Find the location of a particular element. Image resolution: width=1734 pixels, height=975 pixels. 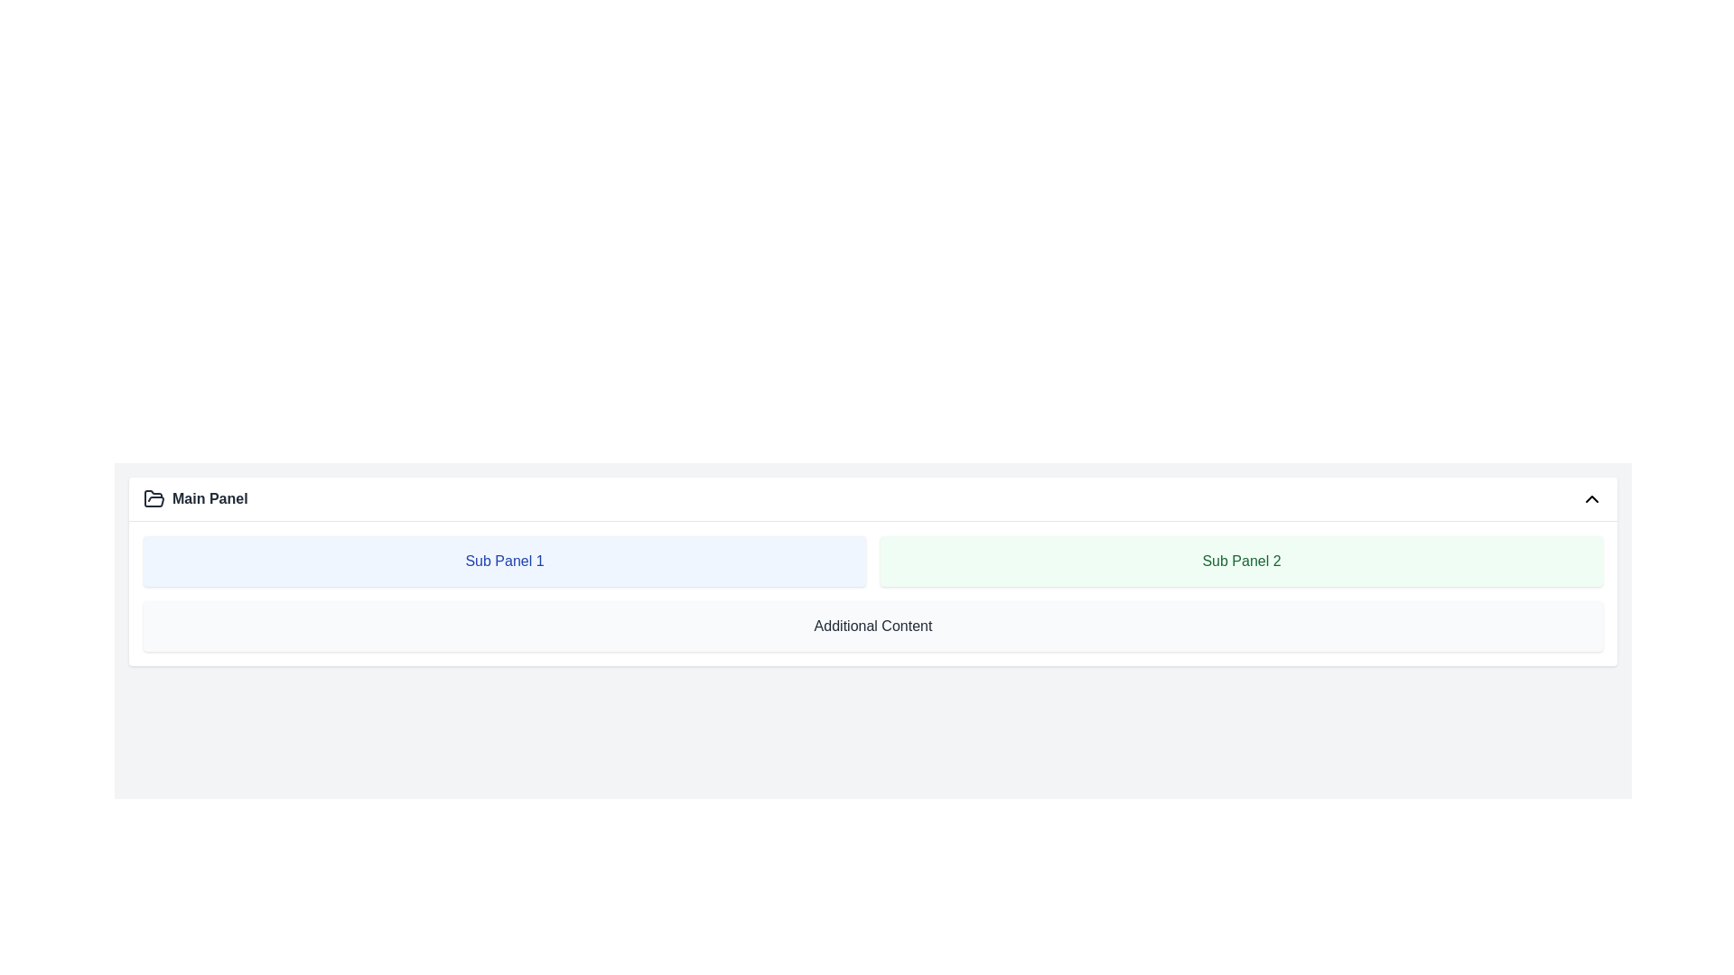

label 'Main Panel' which is displayed in bold with a dark gray font, located near the top-left corner of its containing panel is located at coordinates (195, 498).